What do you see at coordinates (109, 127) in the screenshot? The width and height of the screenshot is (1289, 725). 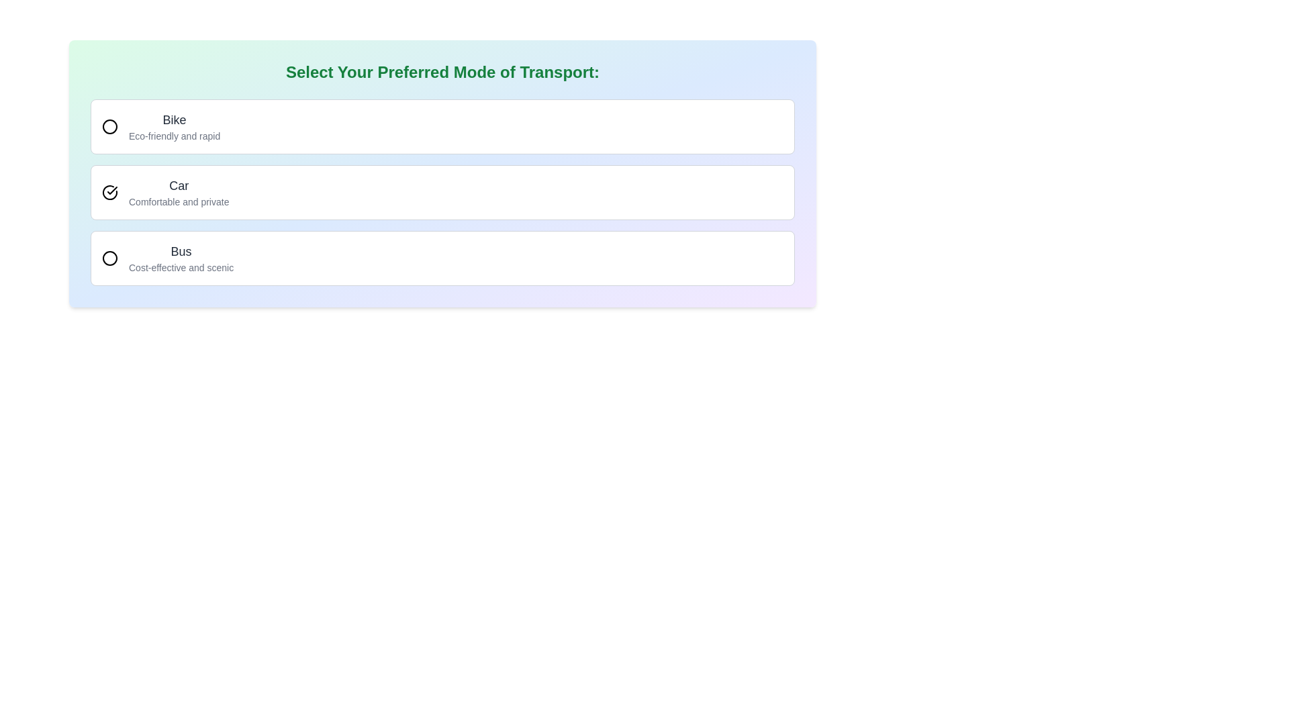 I see `the radio button associated with the option 'Bike'` at bounding box center [109, 127].